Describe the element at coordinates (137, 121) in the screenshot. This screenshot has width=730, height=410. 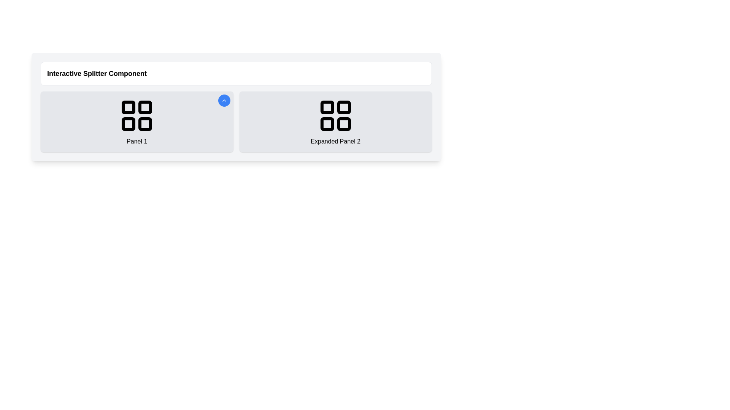
I see `the left panel of the interactive splitter component that displays content related to 'Panel 1'` at that location.